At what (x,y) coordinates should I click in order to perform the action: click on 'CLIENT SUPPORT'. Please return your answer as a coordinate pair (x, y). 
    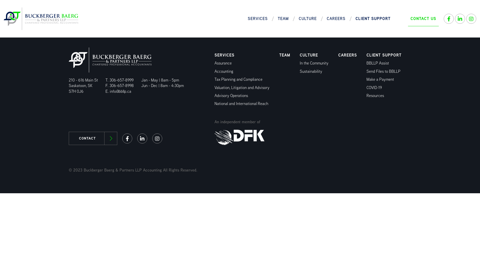
    Looking at the image, I should click on (384, 55).